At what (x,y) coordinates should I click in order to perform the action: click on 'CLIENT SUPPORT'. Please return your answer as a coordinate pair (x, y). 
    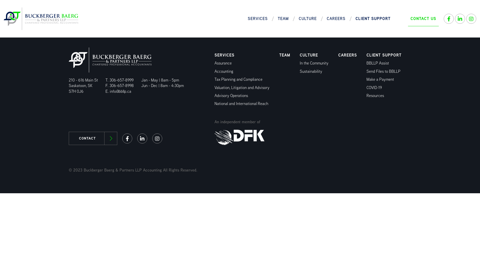
    Looking at the image, I should click on (384, 55).